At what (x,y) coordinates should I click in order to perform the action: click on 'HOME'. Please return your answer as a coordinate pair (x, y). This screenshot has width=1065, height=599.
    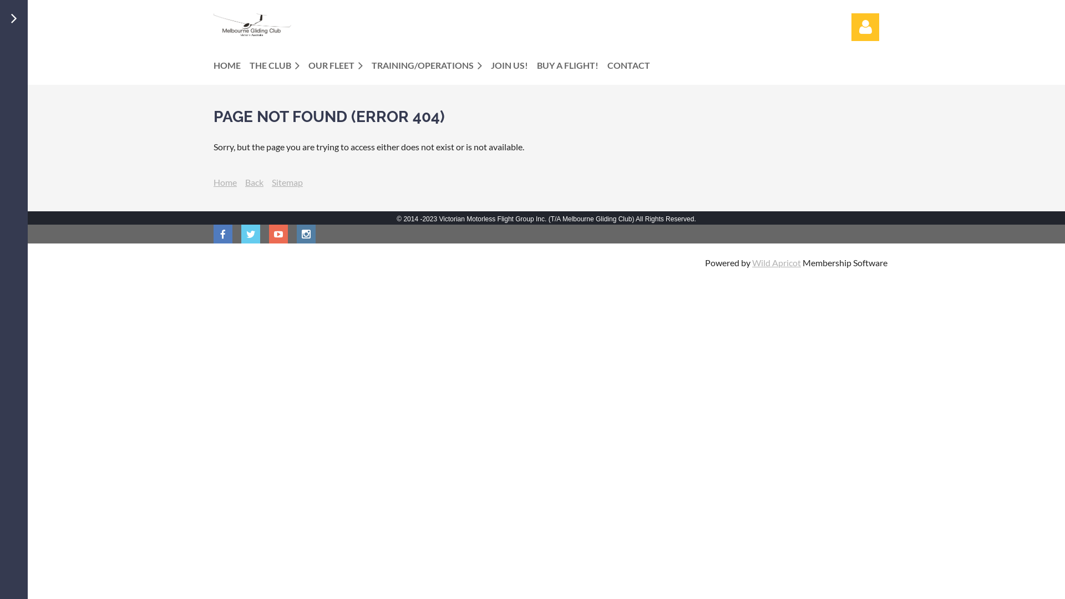
    Looking at the image, I should click on (231, 65).